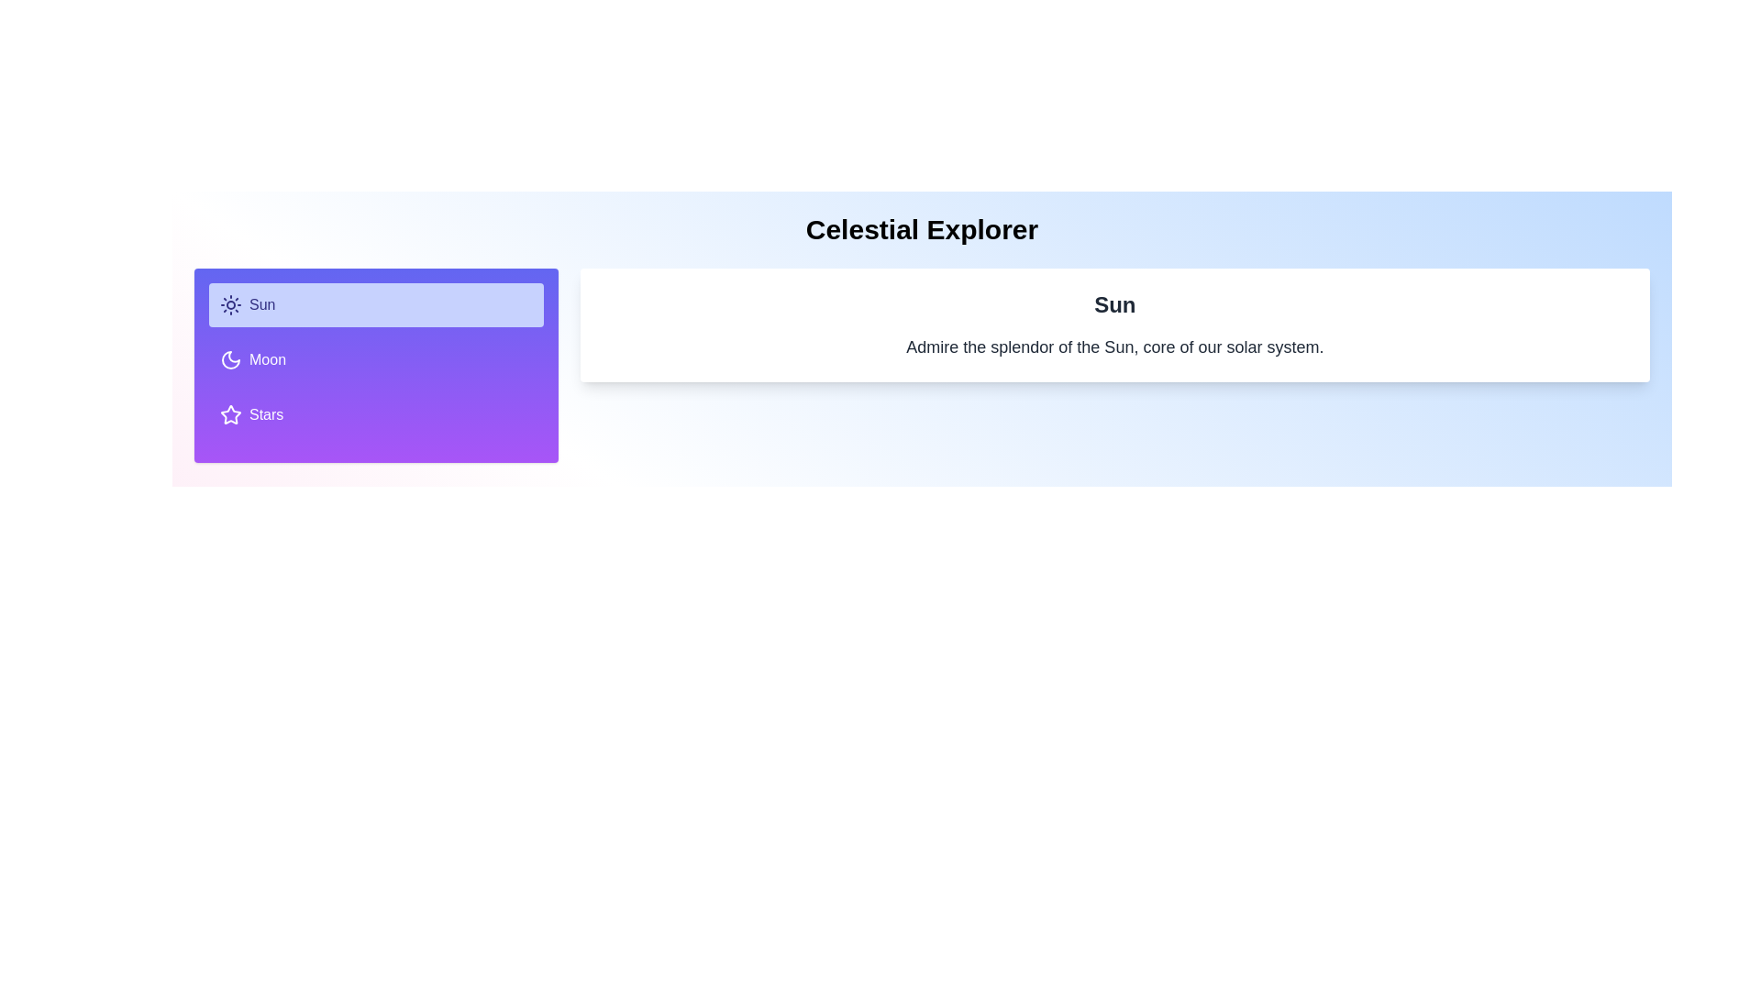  Describe the element at coordinates (375, 360) in the screenshot. I see `the tab labeled Moon` at that location.